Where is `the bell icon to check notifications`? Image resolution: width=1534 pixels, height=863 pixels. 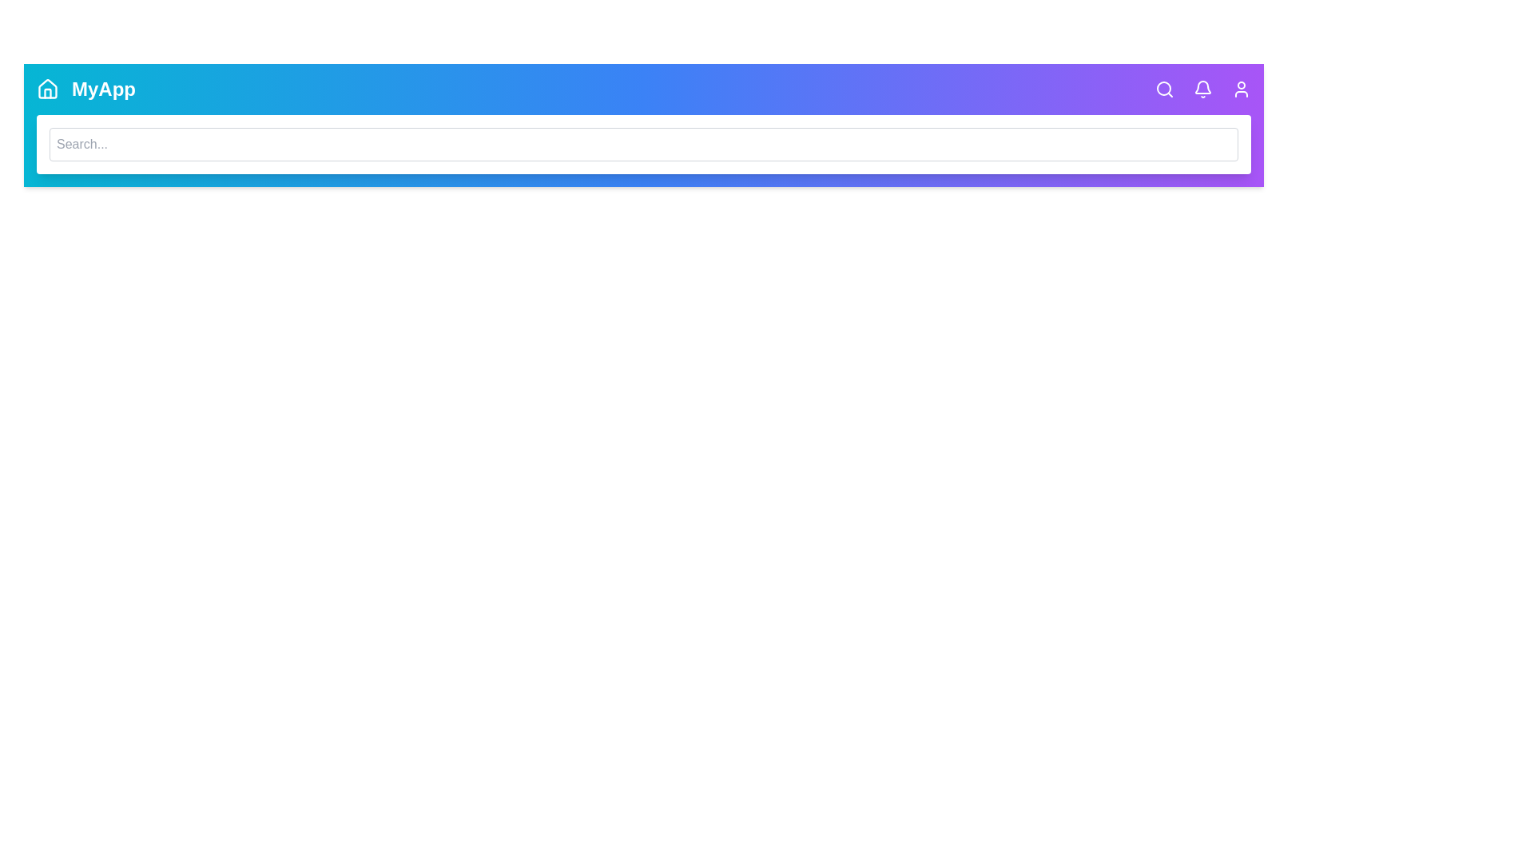 the bell icon to check notifications is located at coordinates (1203, 89).